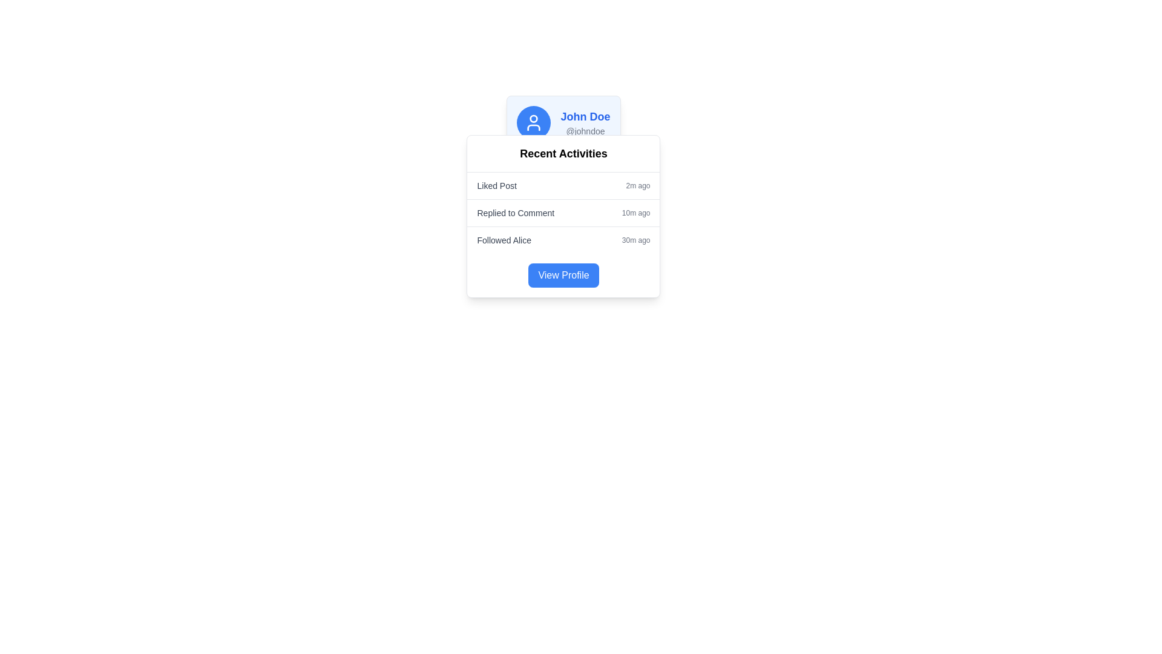  What do you see at coordinates (497, 186) in the screenshot?
I see `the 'Liked Post' label in the 'Recent Activities' section, which is styled in gray and positioned at the top entry of the list` at bounding box center [497, 186].